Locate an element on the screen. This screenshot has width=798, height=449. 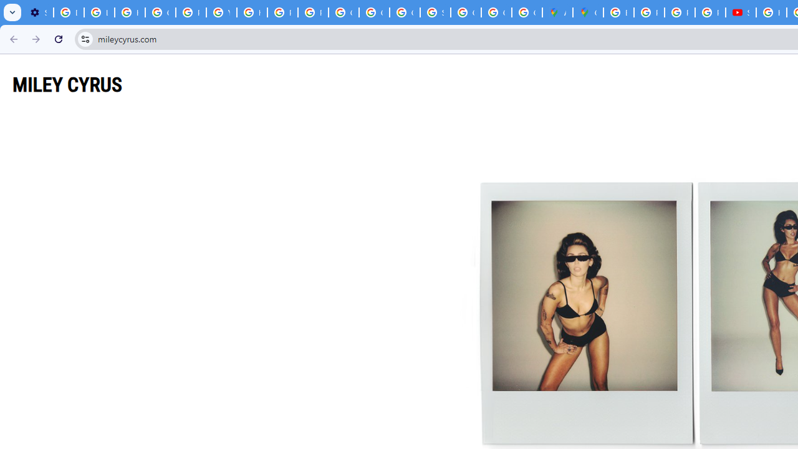
'Google Account Help' is located at coordinates (160, 12).